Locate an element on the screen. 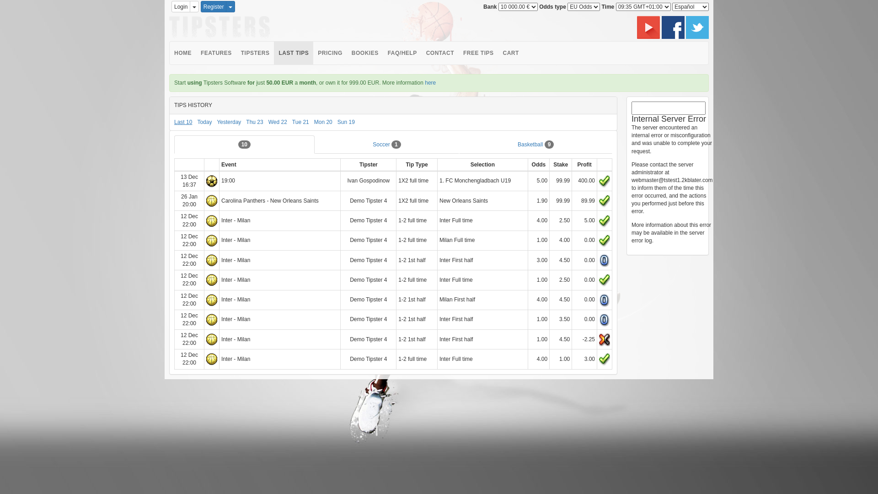  ' on Twitter' is located at coordinates (697, 26).